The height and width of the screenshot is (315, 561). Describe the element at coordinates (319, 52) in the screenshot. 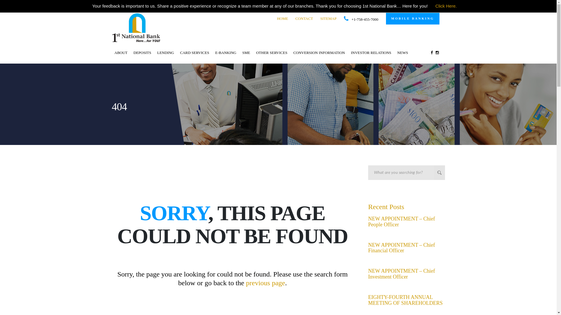

I see `'CONVERSION INFORMATION'` at that location.